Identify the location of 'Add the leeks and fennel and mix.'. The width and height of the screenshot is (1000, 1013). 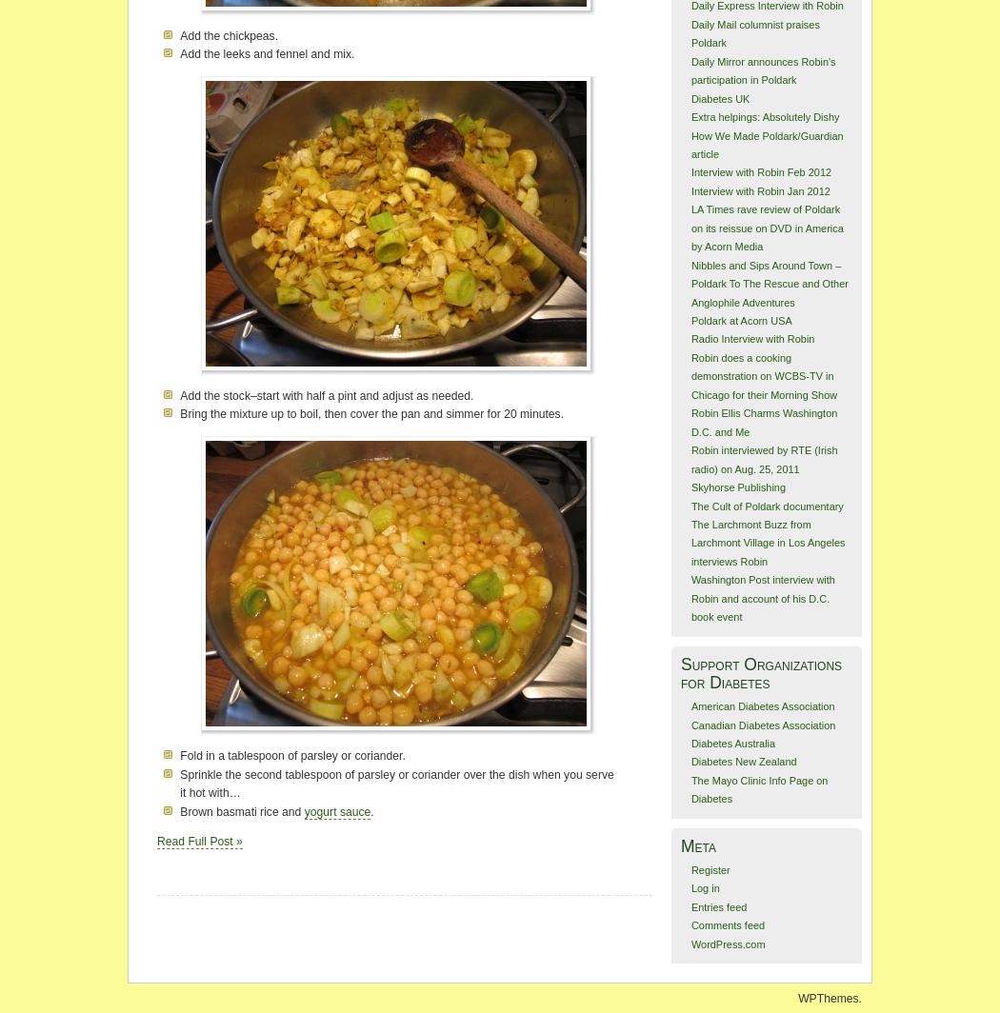
(179, 54).